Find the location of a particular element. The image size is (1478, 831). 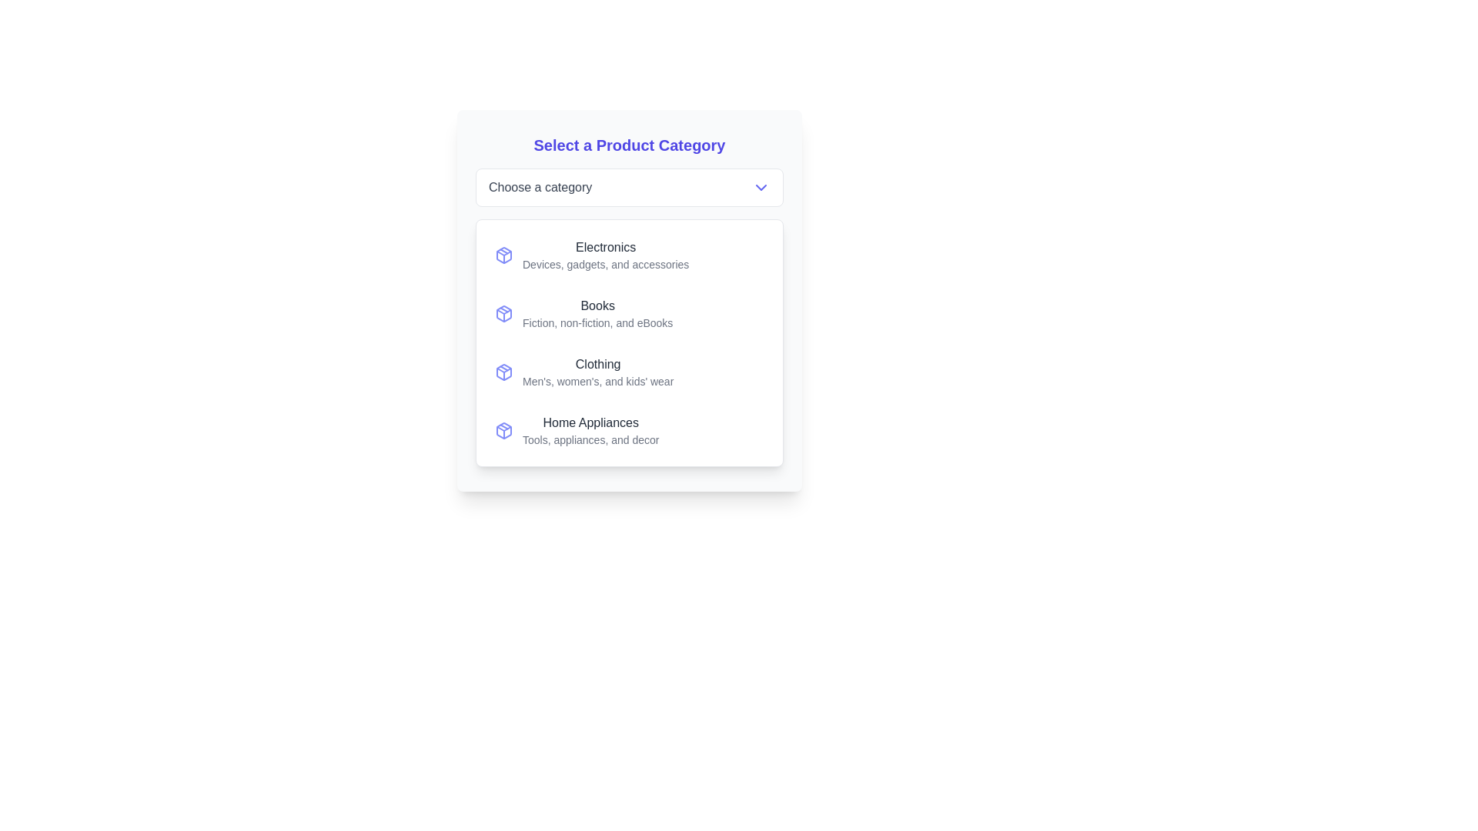

the small cube icon with a purple outline that precedes the text 'Electronics' to interact with the category is located at coordinates (503, 254).